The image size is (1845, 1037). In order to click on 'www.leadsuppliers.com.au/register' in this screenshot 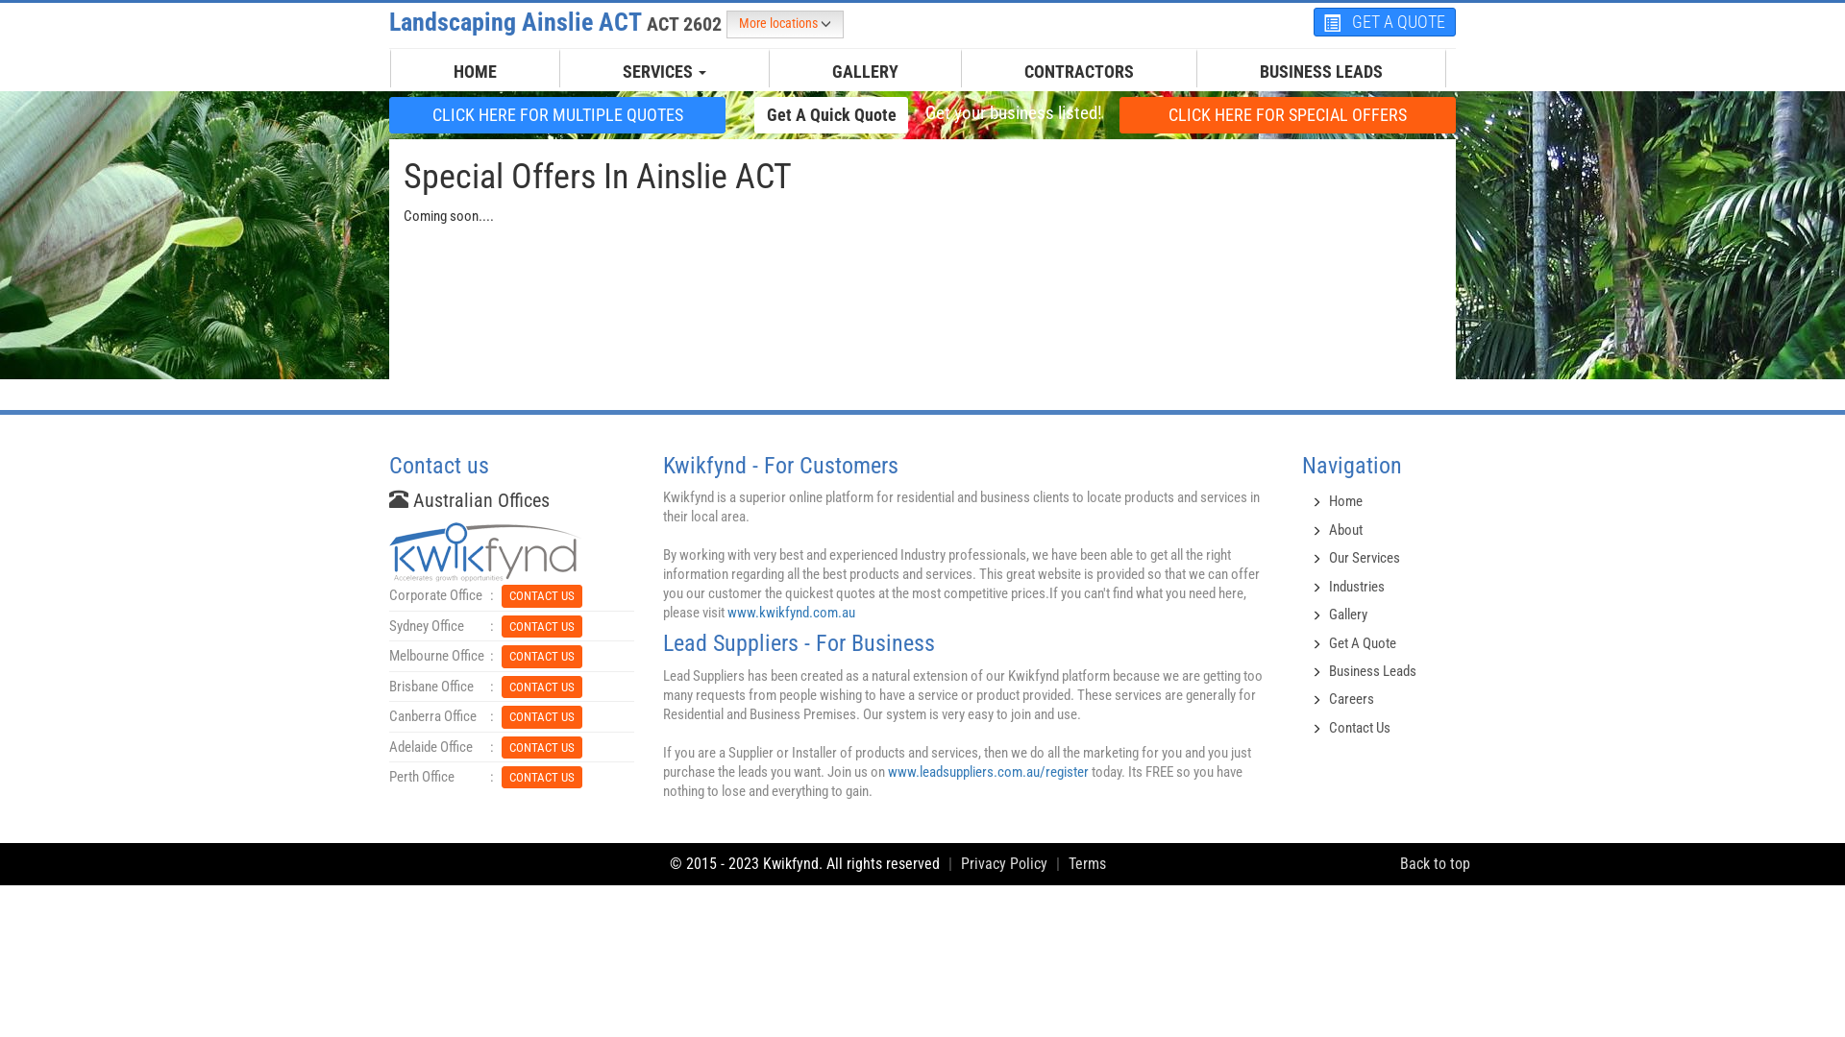, I will do `click(988, 770)`.